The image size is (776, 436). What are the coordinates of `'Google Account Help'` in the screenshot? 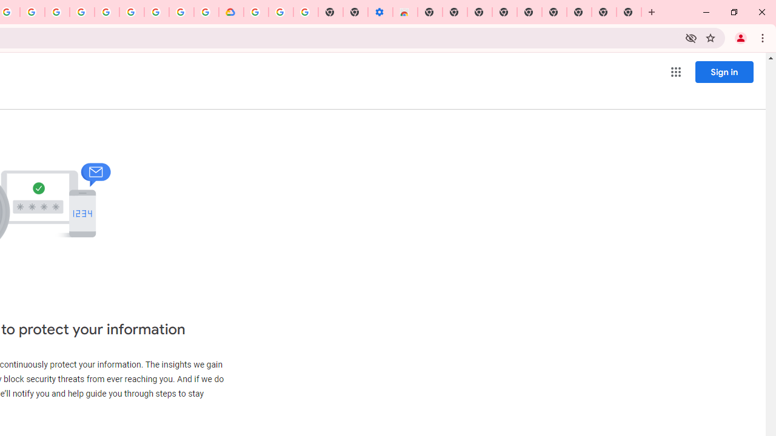 It's located at (280, 12).